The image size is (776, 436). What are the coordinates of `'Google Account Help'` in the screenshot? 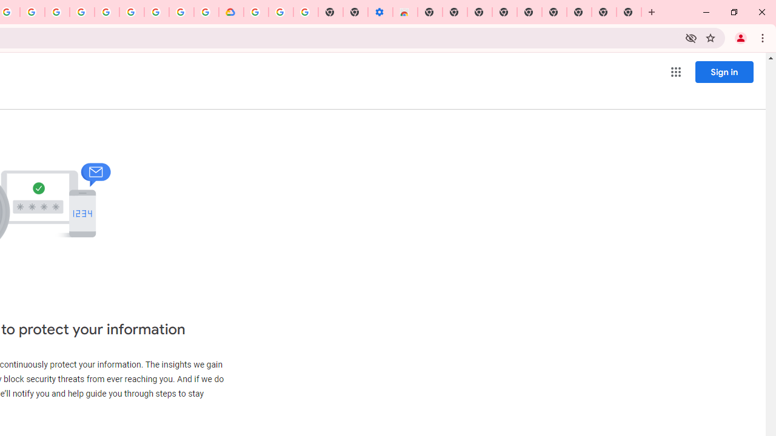 It's located at (280, 12).